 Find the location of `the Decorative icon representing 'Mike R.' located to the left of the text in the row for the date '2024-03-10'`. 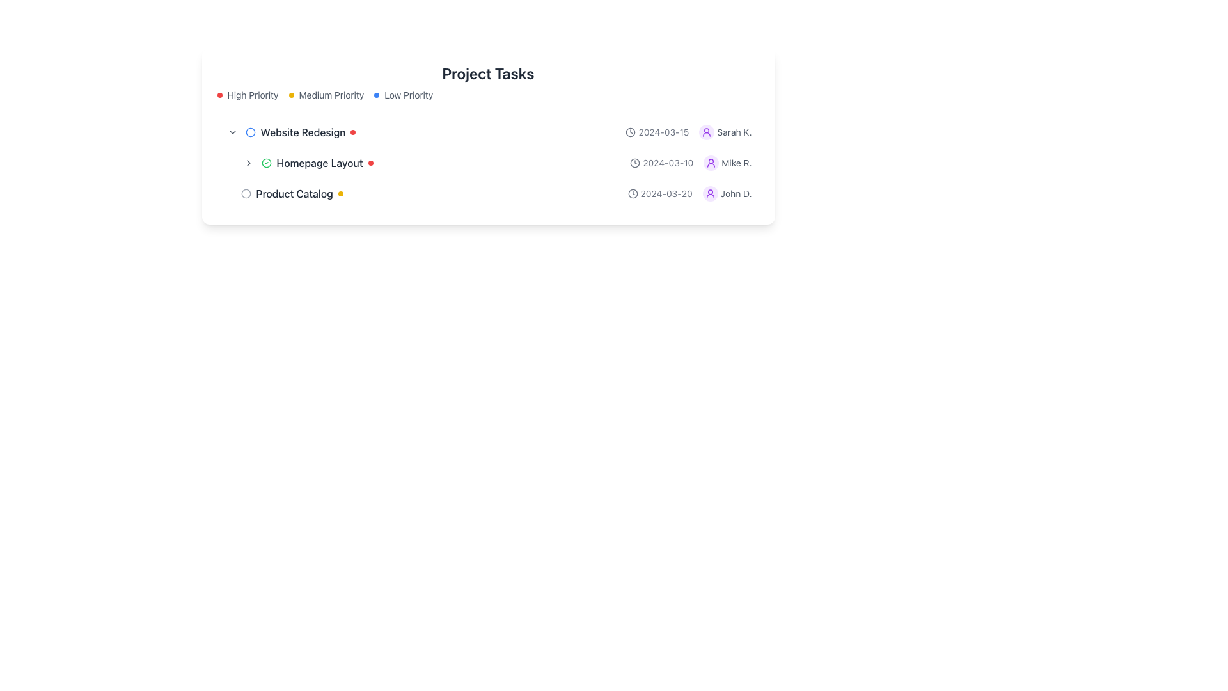

the Decorative icon representing 'Mike R.' located to the left of the text in the row for the date '2024-03-10' is located at coordinates (711, 162).